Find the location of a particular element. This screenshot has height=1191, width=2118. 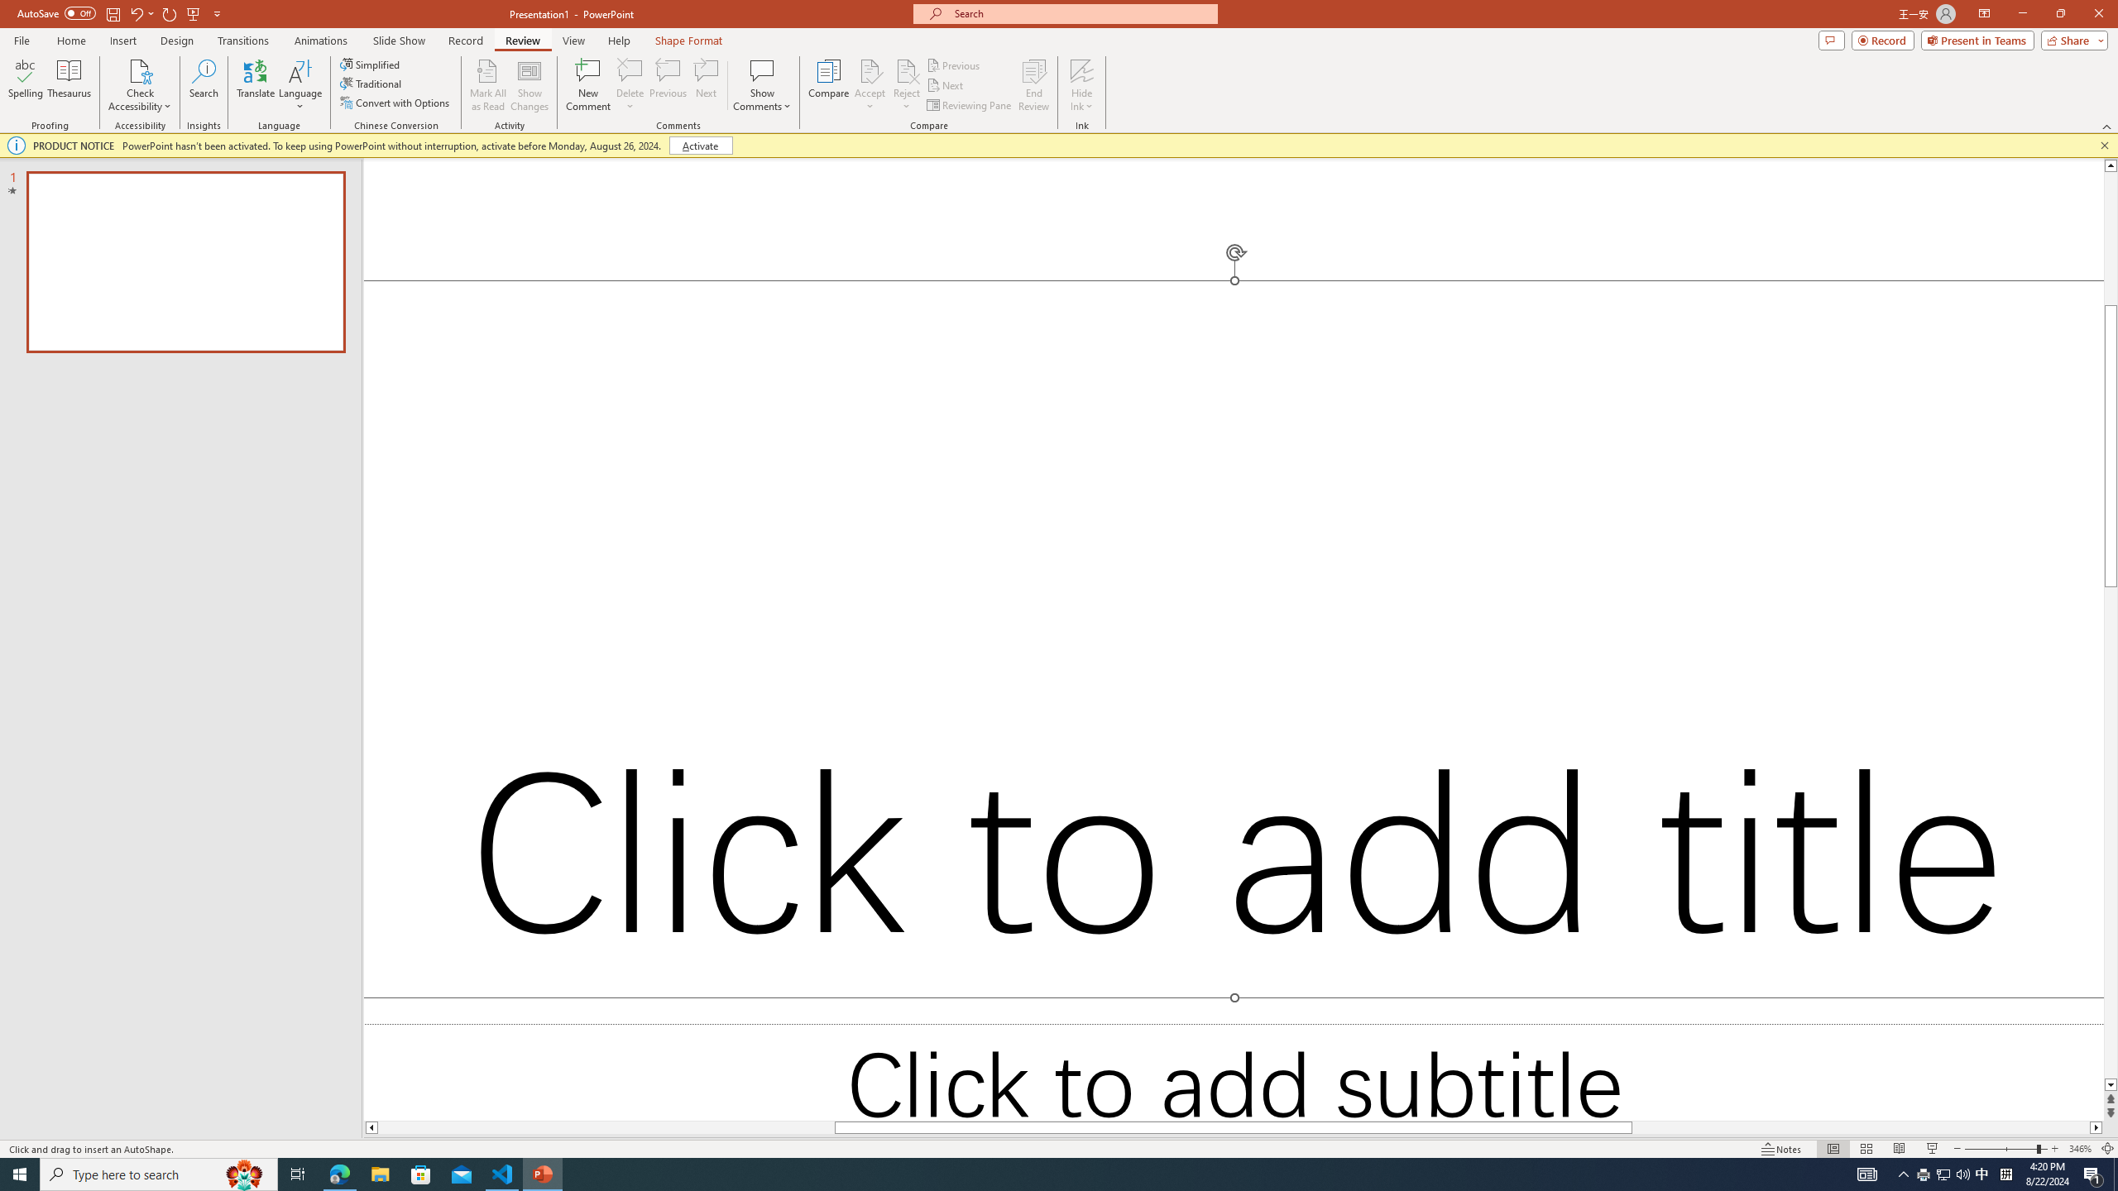

'Simplified' is located at coordinates (371, 64).